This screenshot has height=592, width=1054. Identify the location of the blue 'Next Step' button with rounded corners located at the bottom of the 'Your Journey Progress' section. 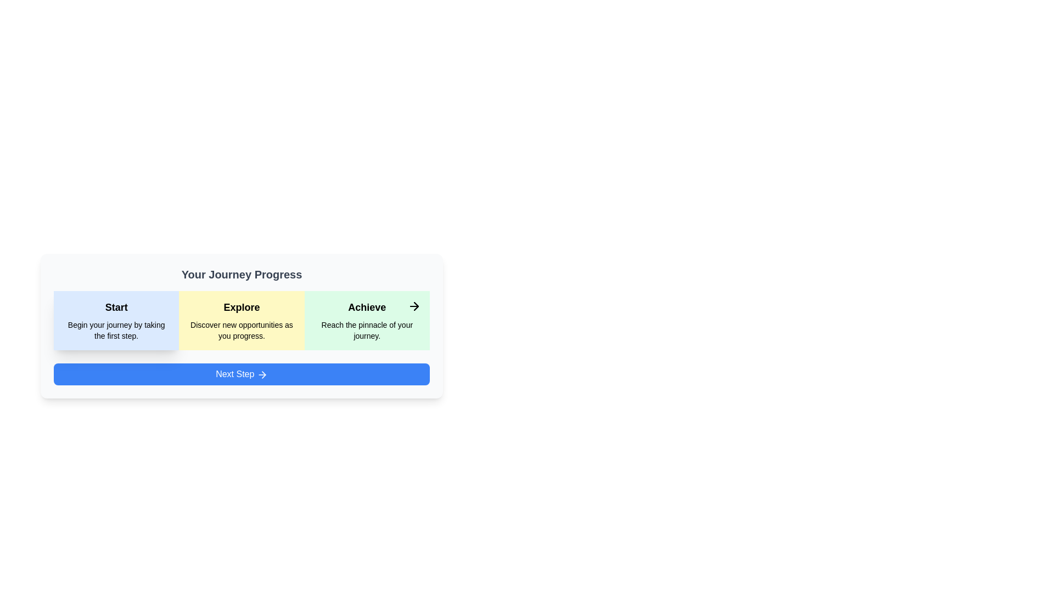
(241, 373).